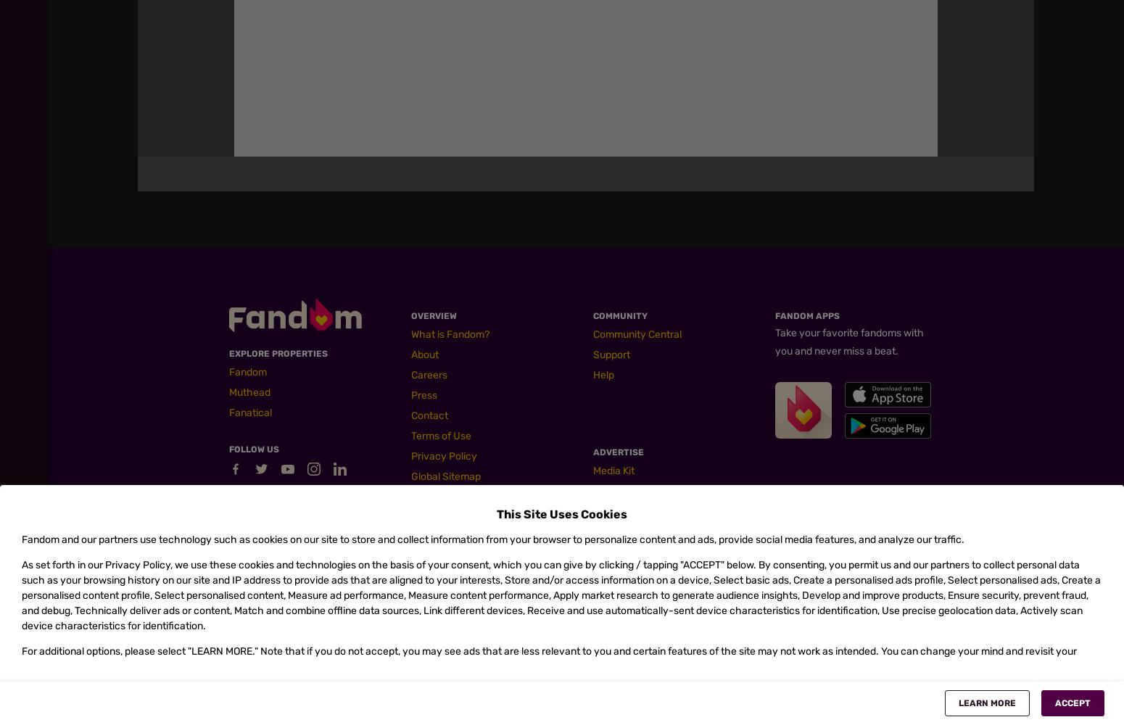 Image resolution: width=1124 pixels, height=725 pixels. I want to click on 'Follow Us', so click(253, 449).